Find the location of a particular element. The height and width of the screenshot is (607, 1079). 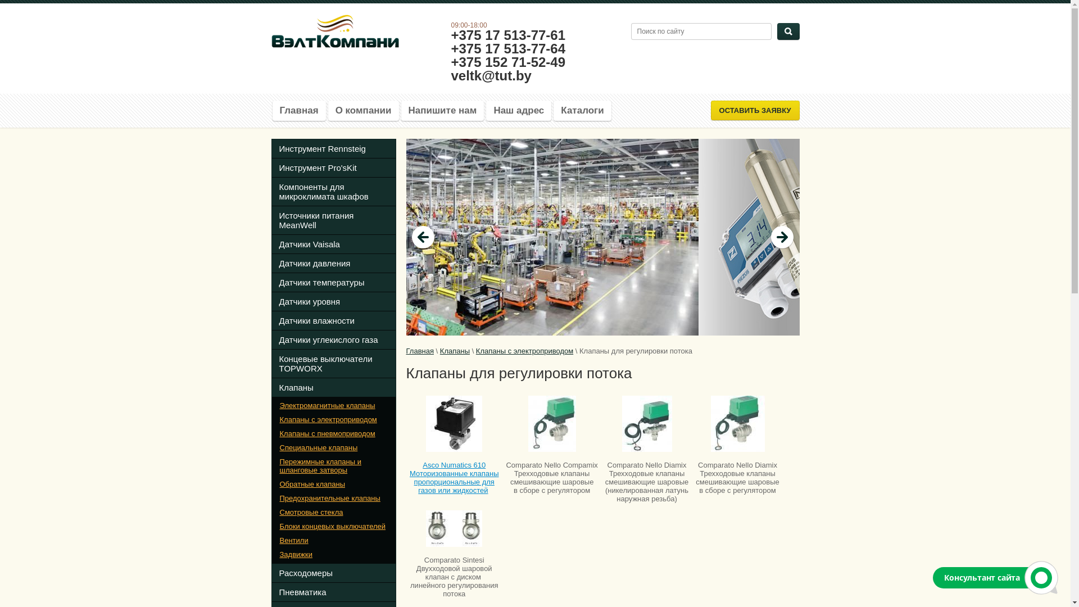

'+375 17 513-77-61' is located at coordinates (450, 34).